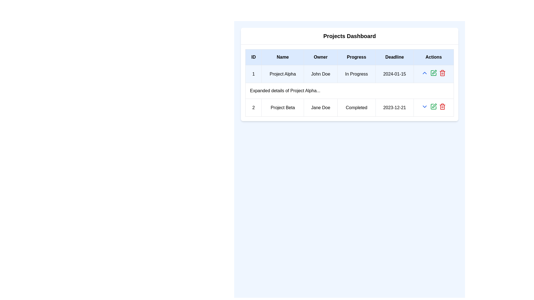 Image resolution: width=534 pixels, height=300 pixels. I want to click on the rows of the Projects Dashboard table, so click(349, 74).